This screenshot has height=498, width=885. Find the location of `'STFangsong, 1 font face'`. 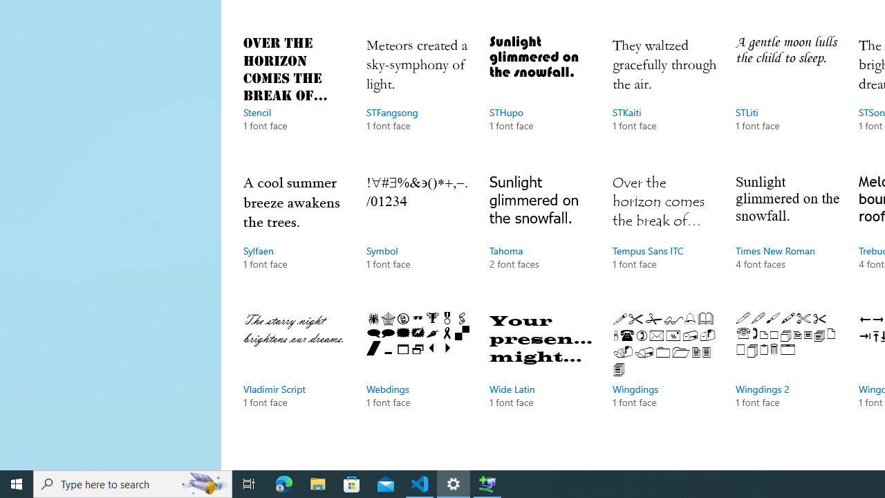

'STFangsong, 1 font face' is located at coordinates (417, 97).